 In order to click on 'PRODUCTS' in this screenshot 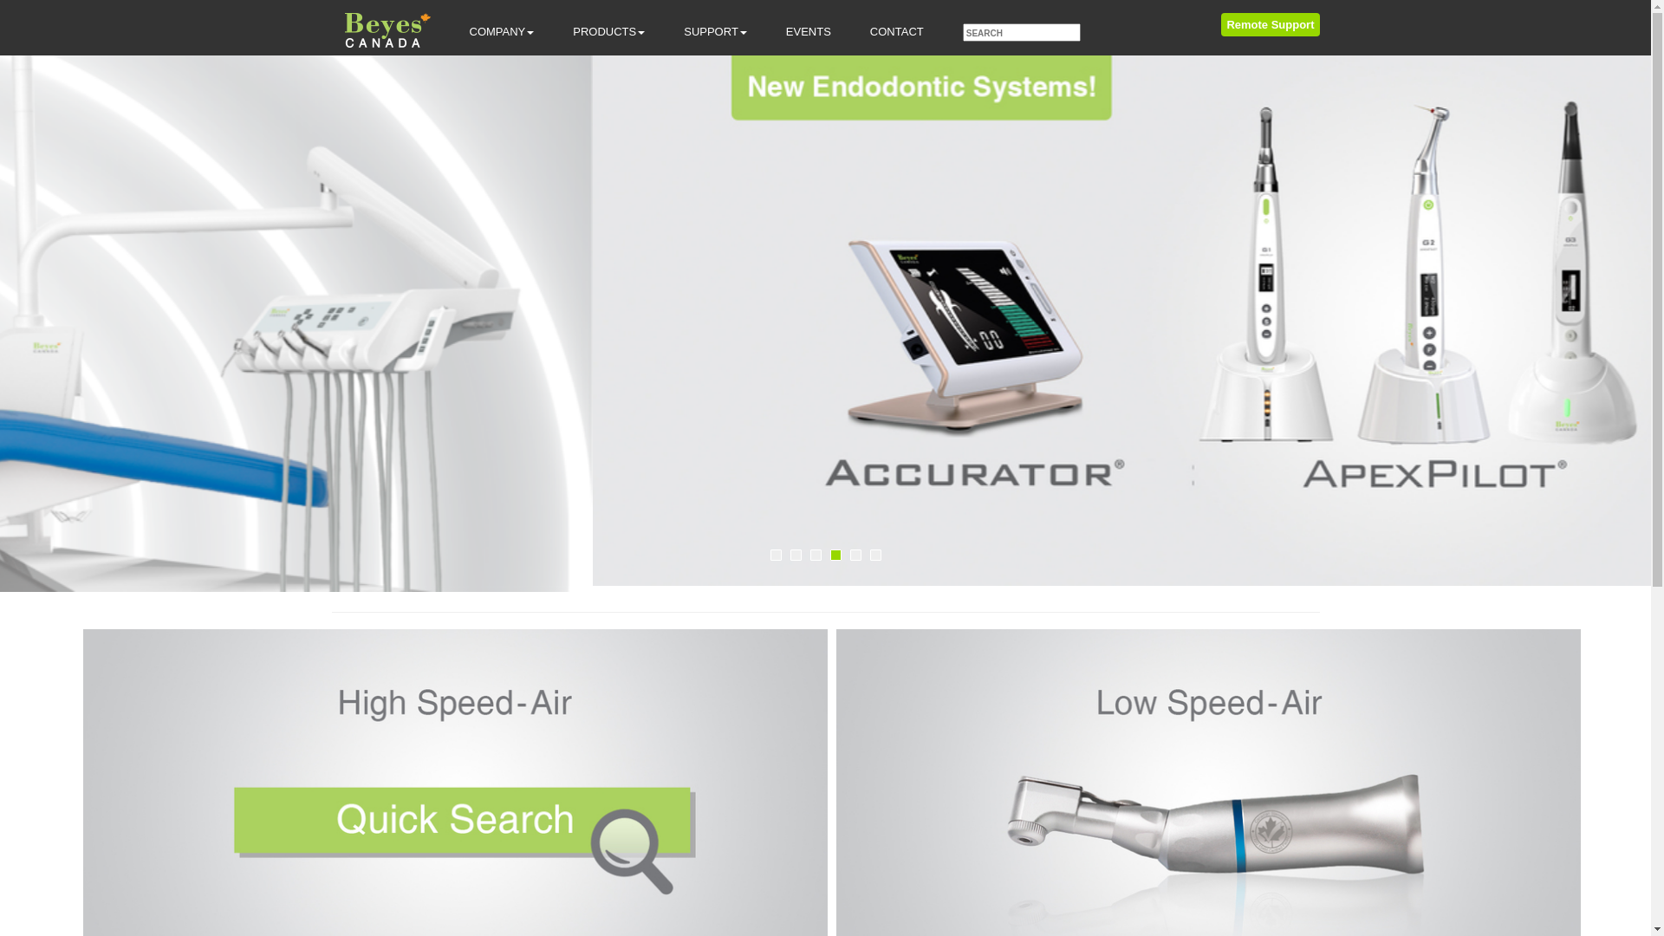, I will do `click(608, 32)`.